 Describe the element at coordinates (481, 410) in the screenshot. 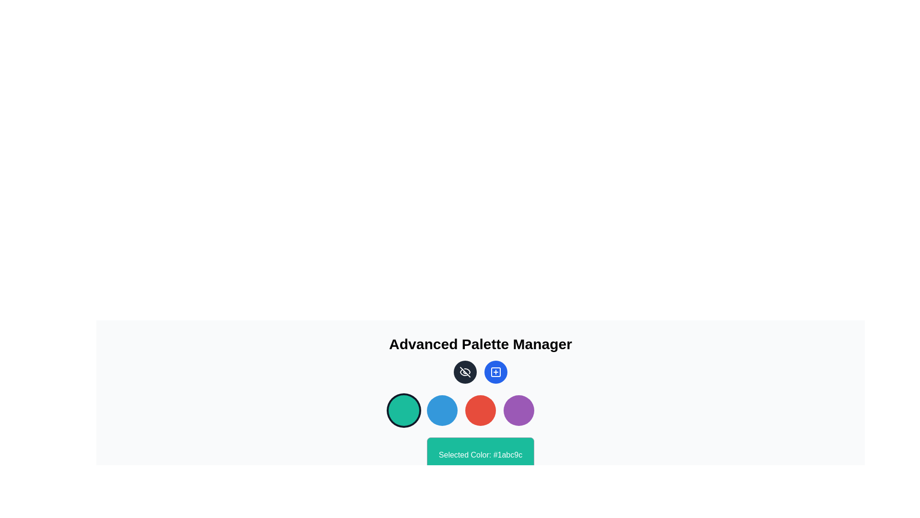

I see `the third circular icon in a row of five icons to confirm the selection of red as the active color` at that location.